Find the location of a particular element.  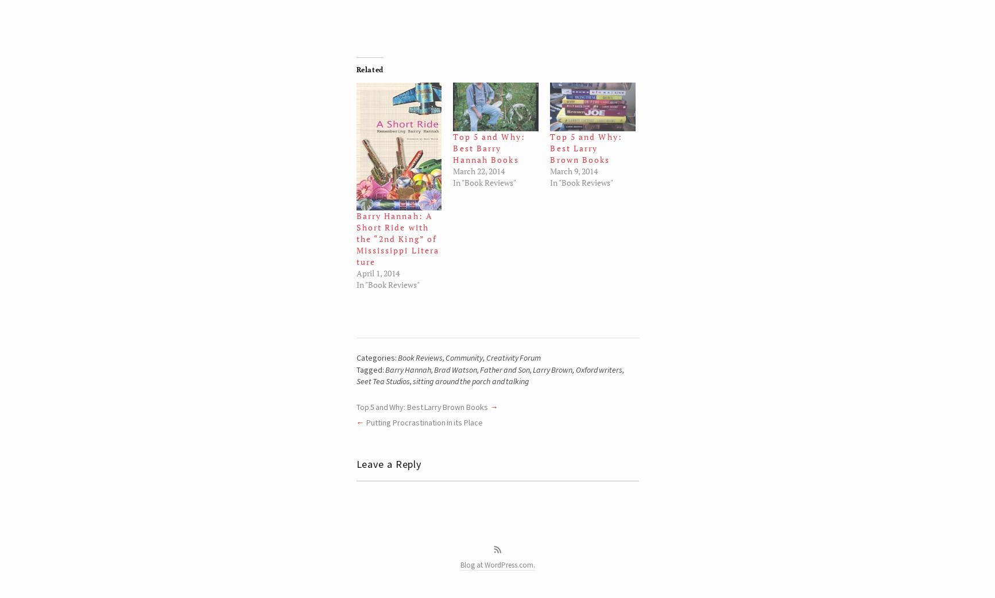

'Putting Procrastination in its Place' is located at coordinates (424, 422).